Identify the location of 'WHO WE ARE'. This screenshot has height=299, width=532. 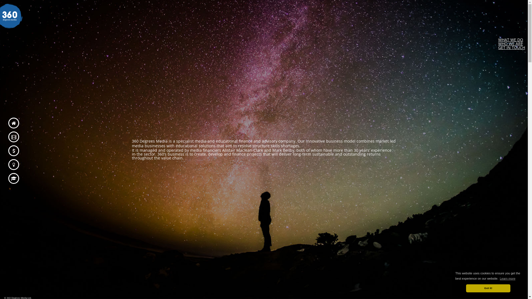
(510, 43).